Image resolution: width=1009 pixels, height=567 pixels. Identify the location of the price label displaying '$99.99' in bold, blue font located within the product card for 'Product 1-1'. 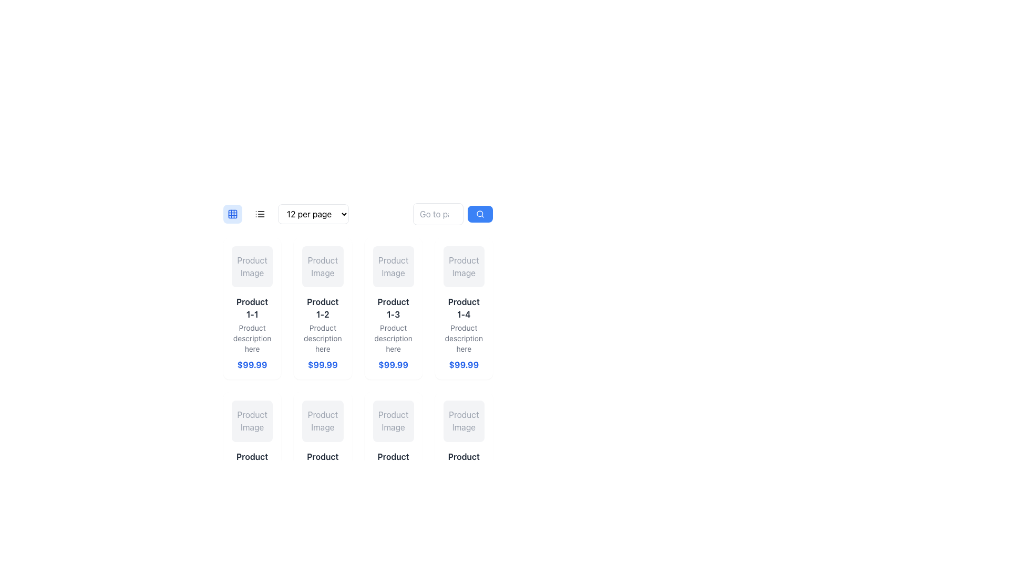
(252, 364).